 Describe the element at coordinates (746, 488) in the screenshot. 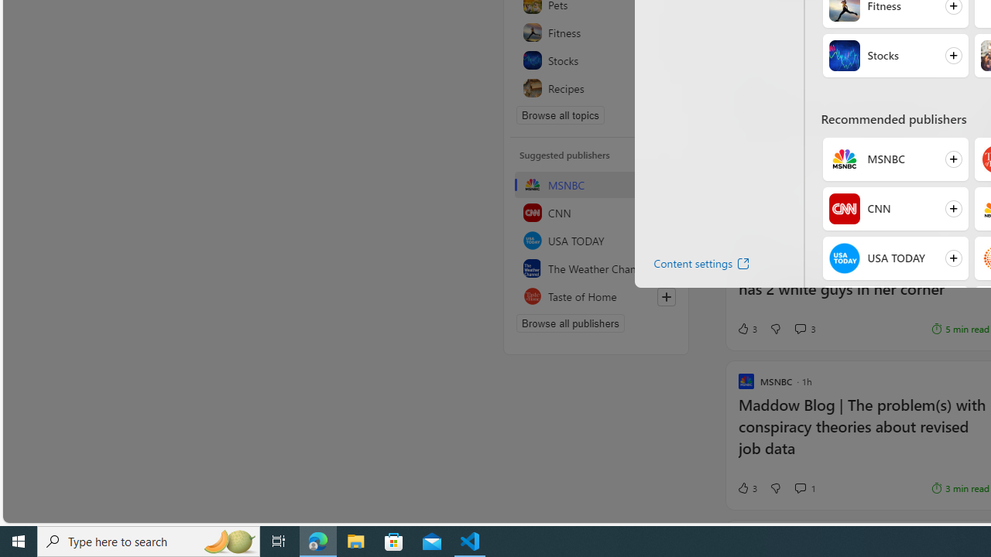

I see `'3 Like'` at that location.